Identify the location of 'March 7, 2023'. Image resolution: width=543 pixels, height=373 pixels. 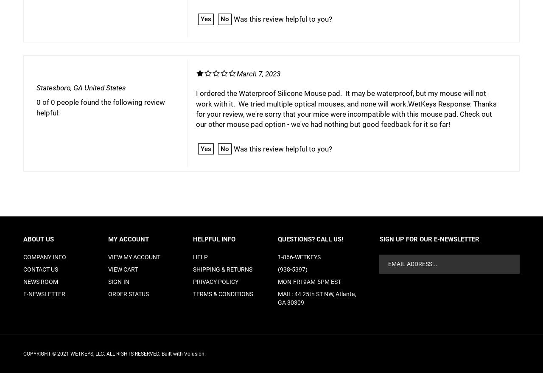
(258, 73).